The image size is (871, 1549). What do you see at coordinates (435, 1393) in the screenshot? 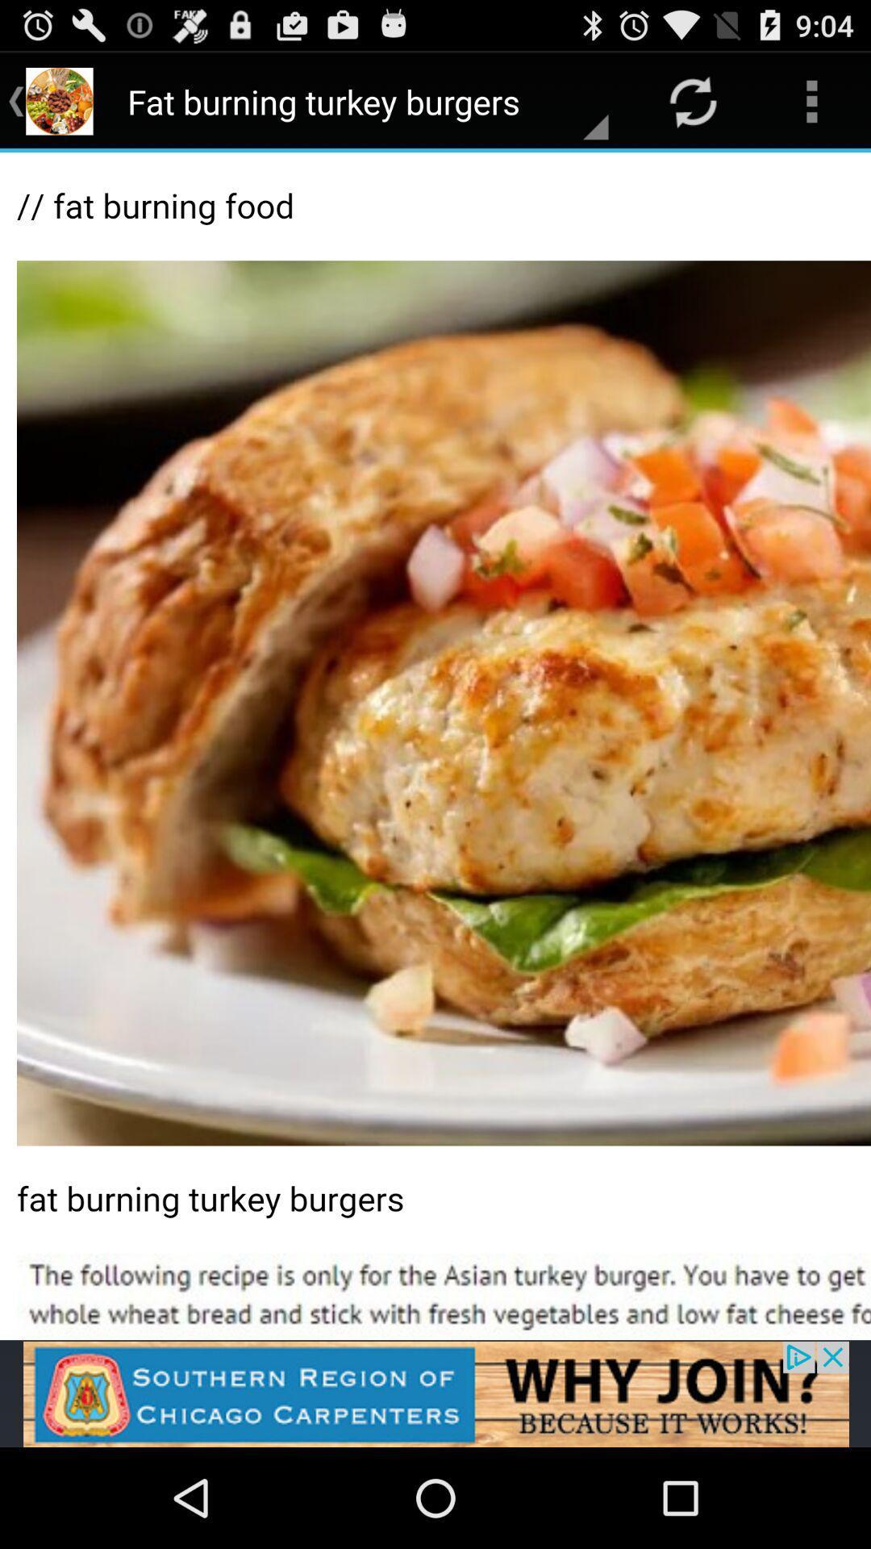
I see `open advertisement` at bounding box center [435, 1393].